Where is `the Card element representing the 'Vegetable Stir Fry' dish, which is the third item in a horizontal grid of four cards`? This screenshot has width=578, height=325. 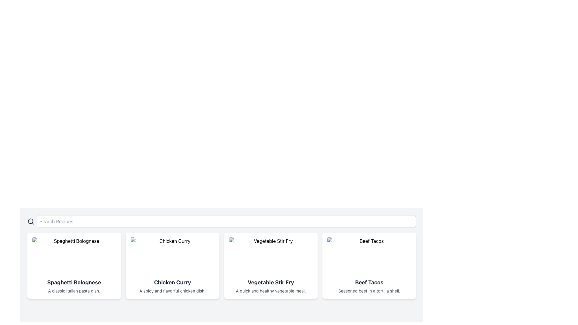
the Card element representing the 'Vegetable Stir Fry' dish, which is the third item in a horizontal grid of four cards is located at coordinates (270, 265).